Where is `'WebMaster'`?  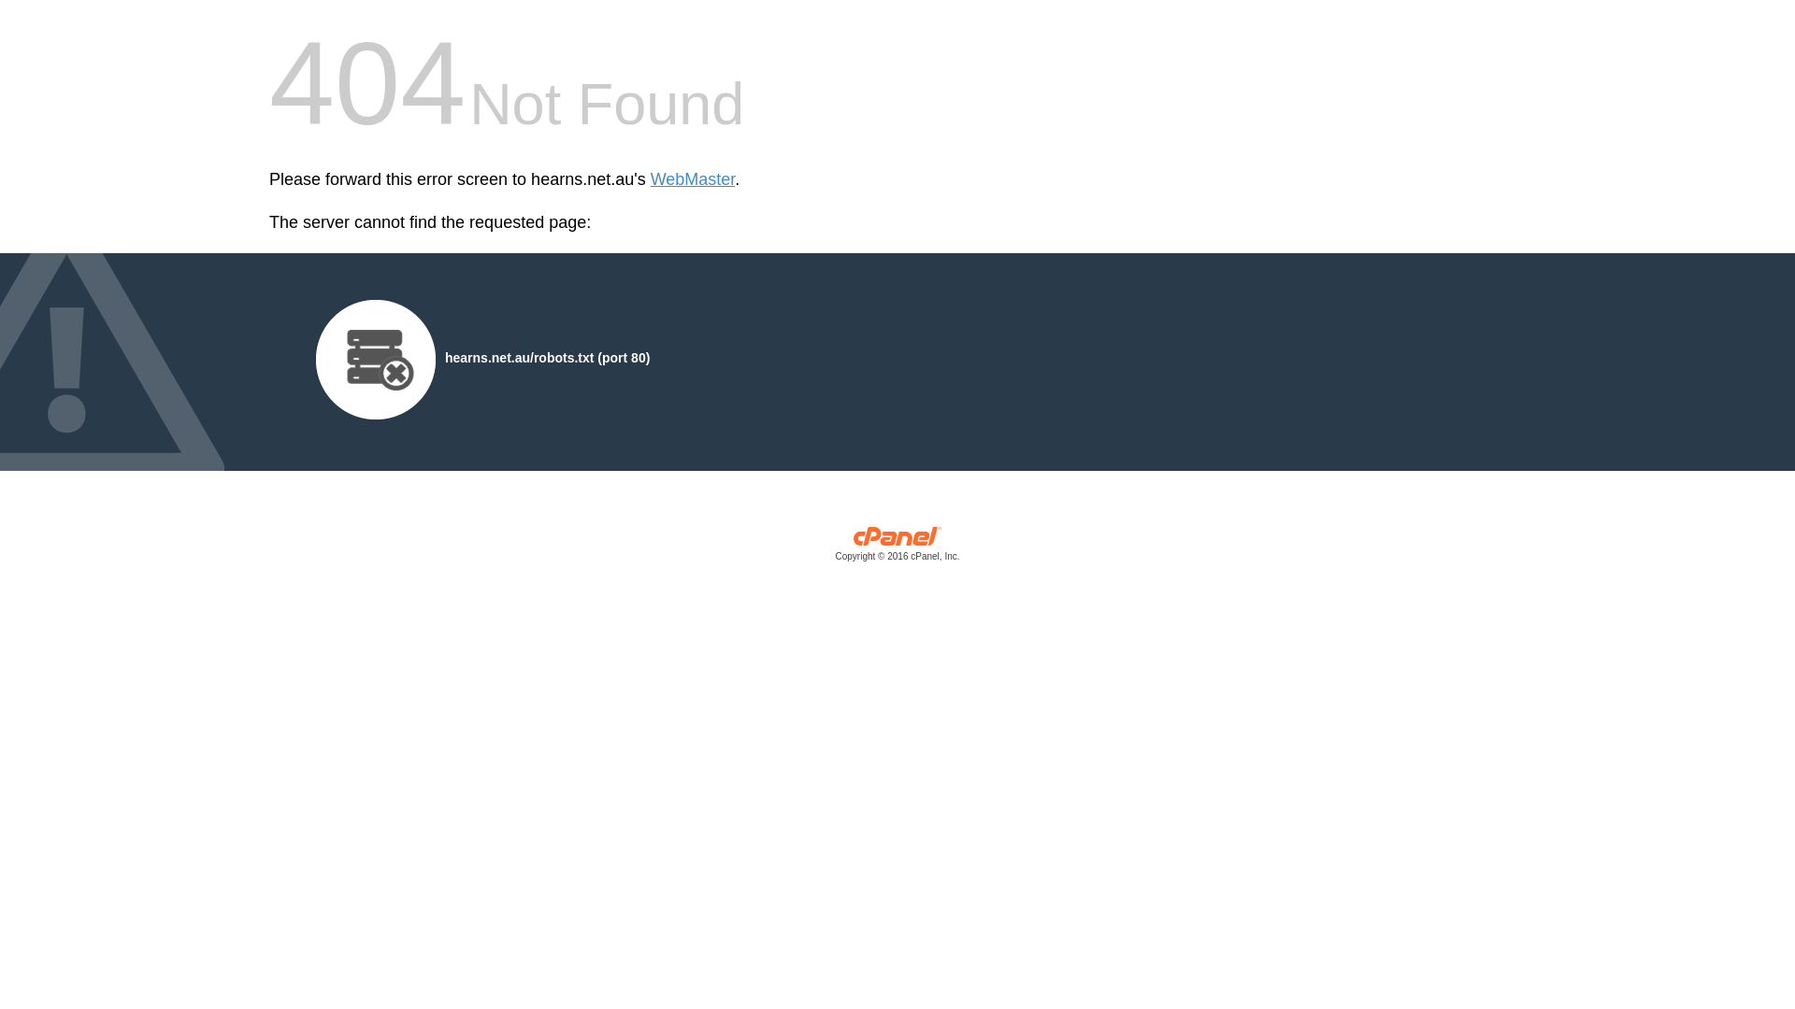 'WebMaster' is located at coordinates (651, 179).